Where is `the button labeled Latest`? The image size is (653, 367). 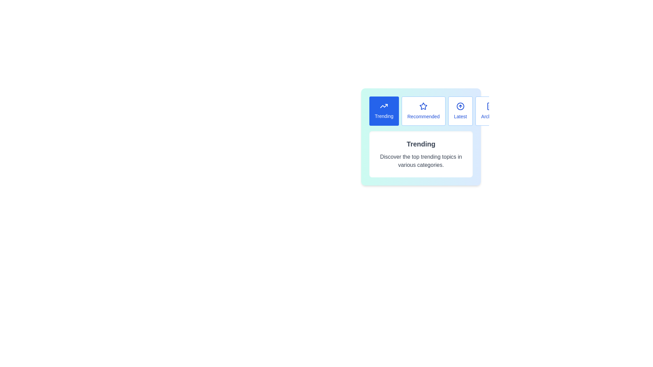 the button labeled Latest is located at coordinates (460, 111).